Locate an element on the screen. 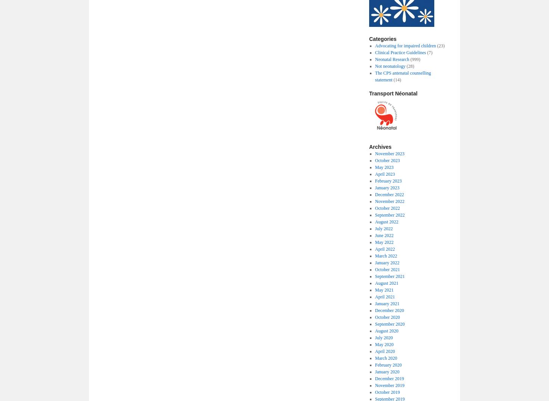 The image size is (549, 401). 'August 2020' is located at coordinates (375, 331).